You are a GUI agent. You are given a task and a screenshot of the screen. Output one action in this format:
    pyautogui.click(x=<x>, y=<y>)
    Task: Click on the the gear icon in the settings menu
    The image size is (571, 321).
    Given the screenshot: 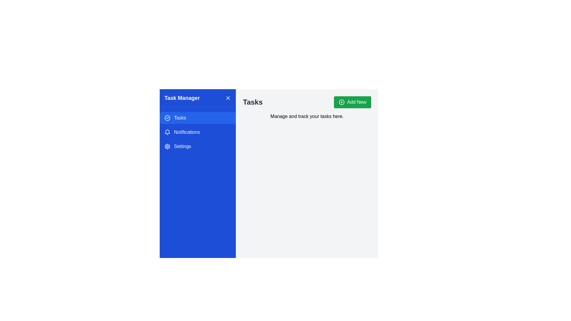 What is the action you would take?
    pyautogui.click(x=167, y=147)
    